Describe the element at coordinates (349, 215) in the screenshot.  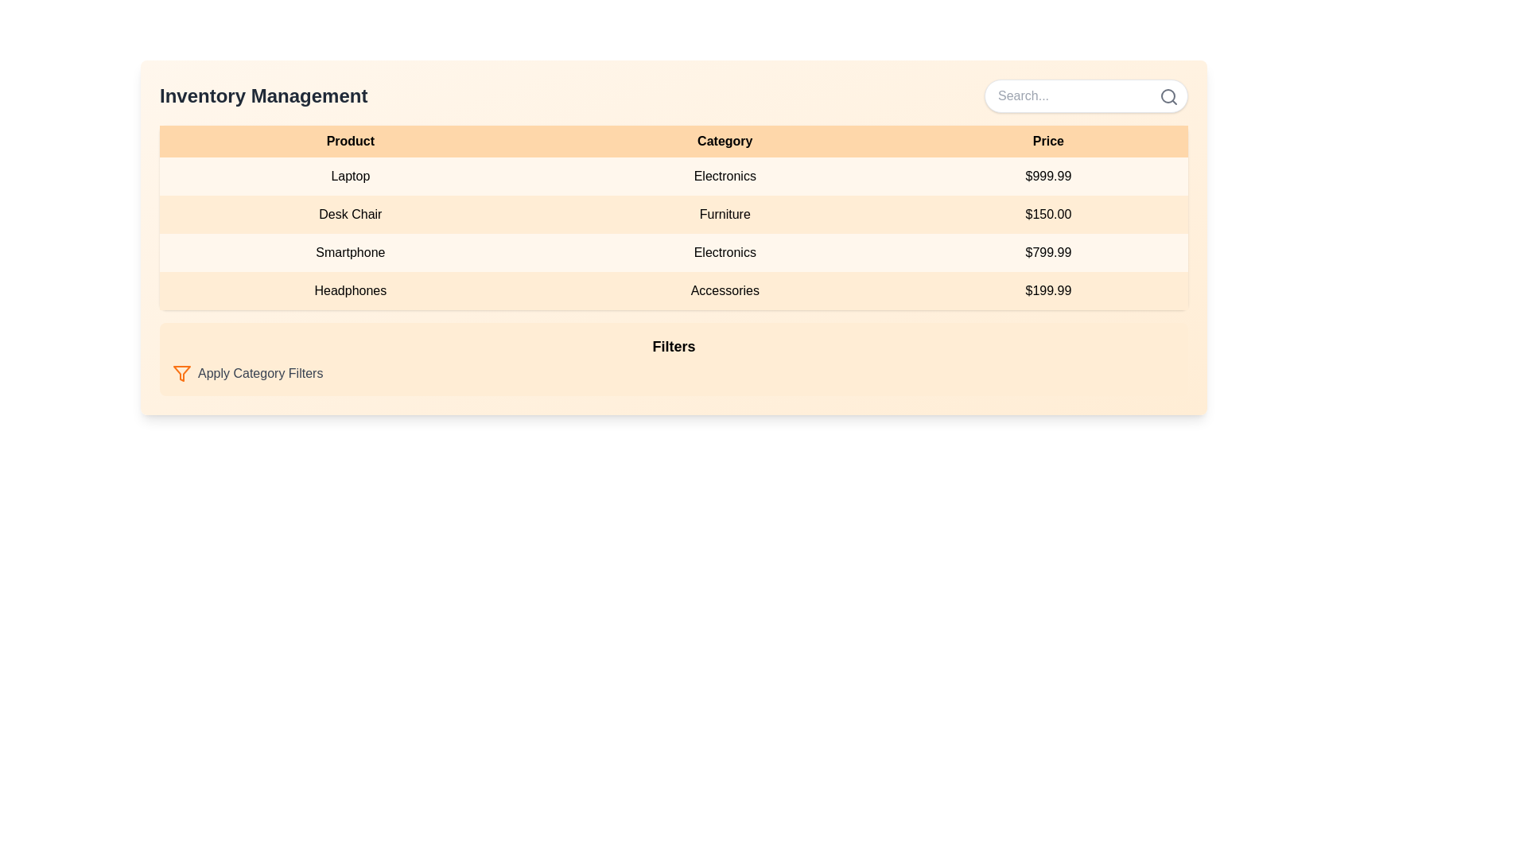
I see `the static text label for the product` at that location.